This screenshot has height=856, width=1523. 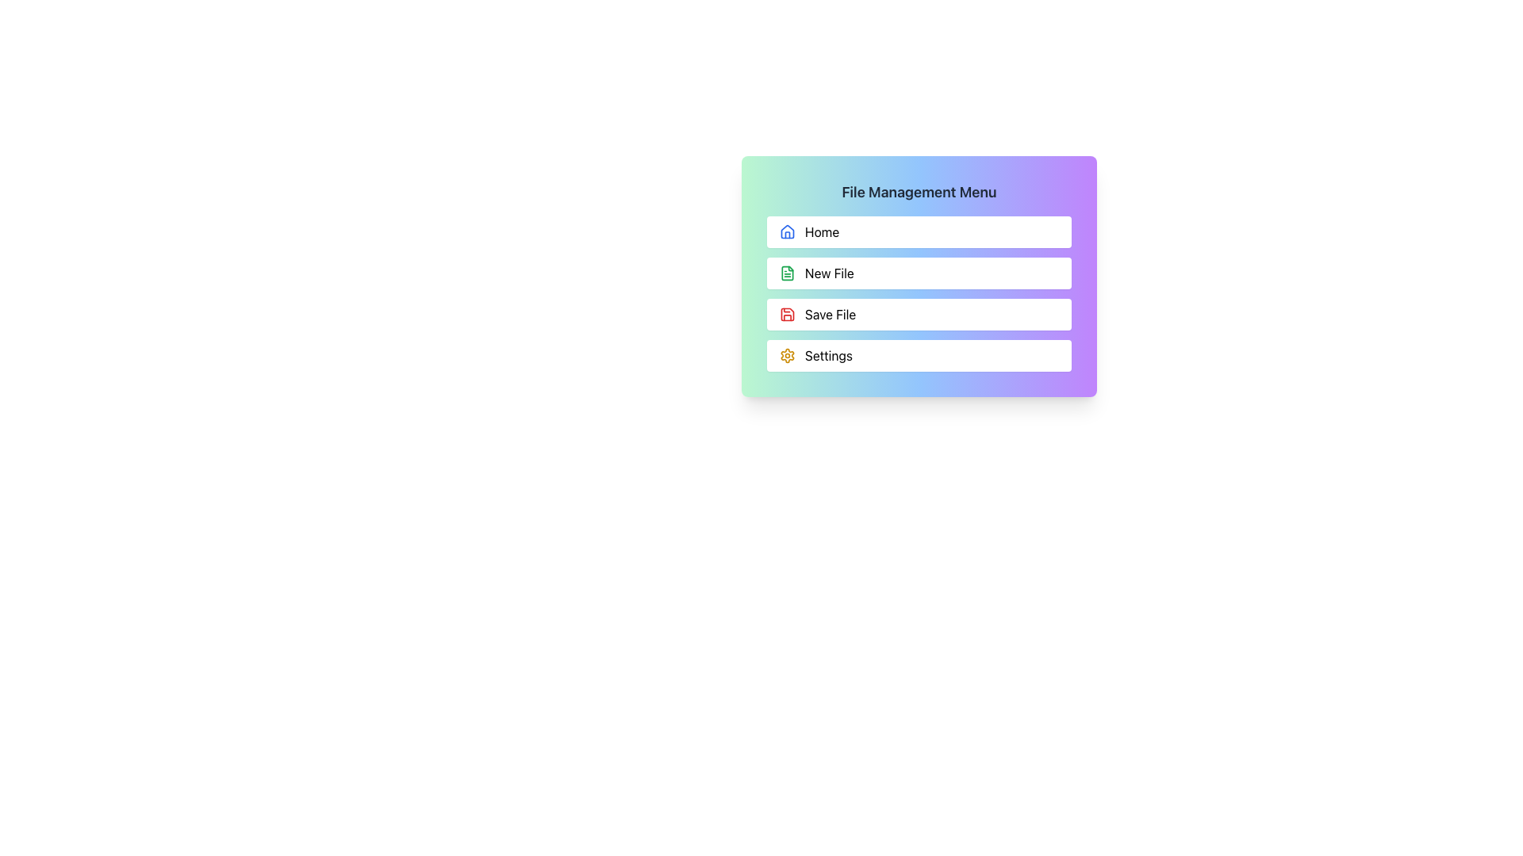 What do you see at coordinates (788, 315) in the screenshot?
I see `the red save icon located to the left of the 'Save File' label in the vertical menu layout` at bounding box center [788, 315].